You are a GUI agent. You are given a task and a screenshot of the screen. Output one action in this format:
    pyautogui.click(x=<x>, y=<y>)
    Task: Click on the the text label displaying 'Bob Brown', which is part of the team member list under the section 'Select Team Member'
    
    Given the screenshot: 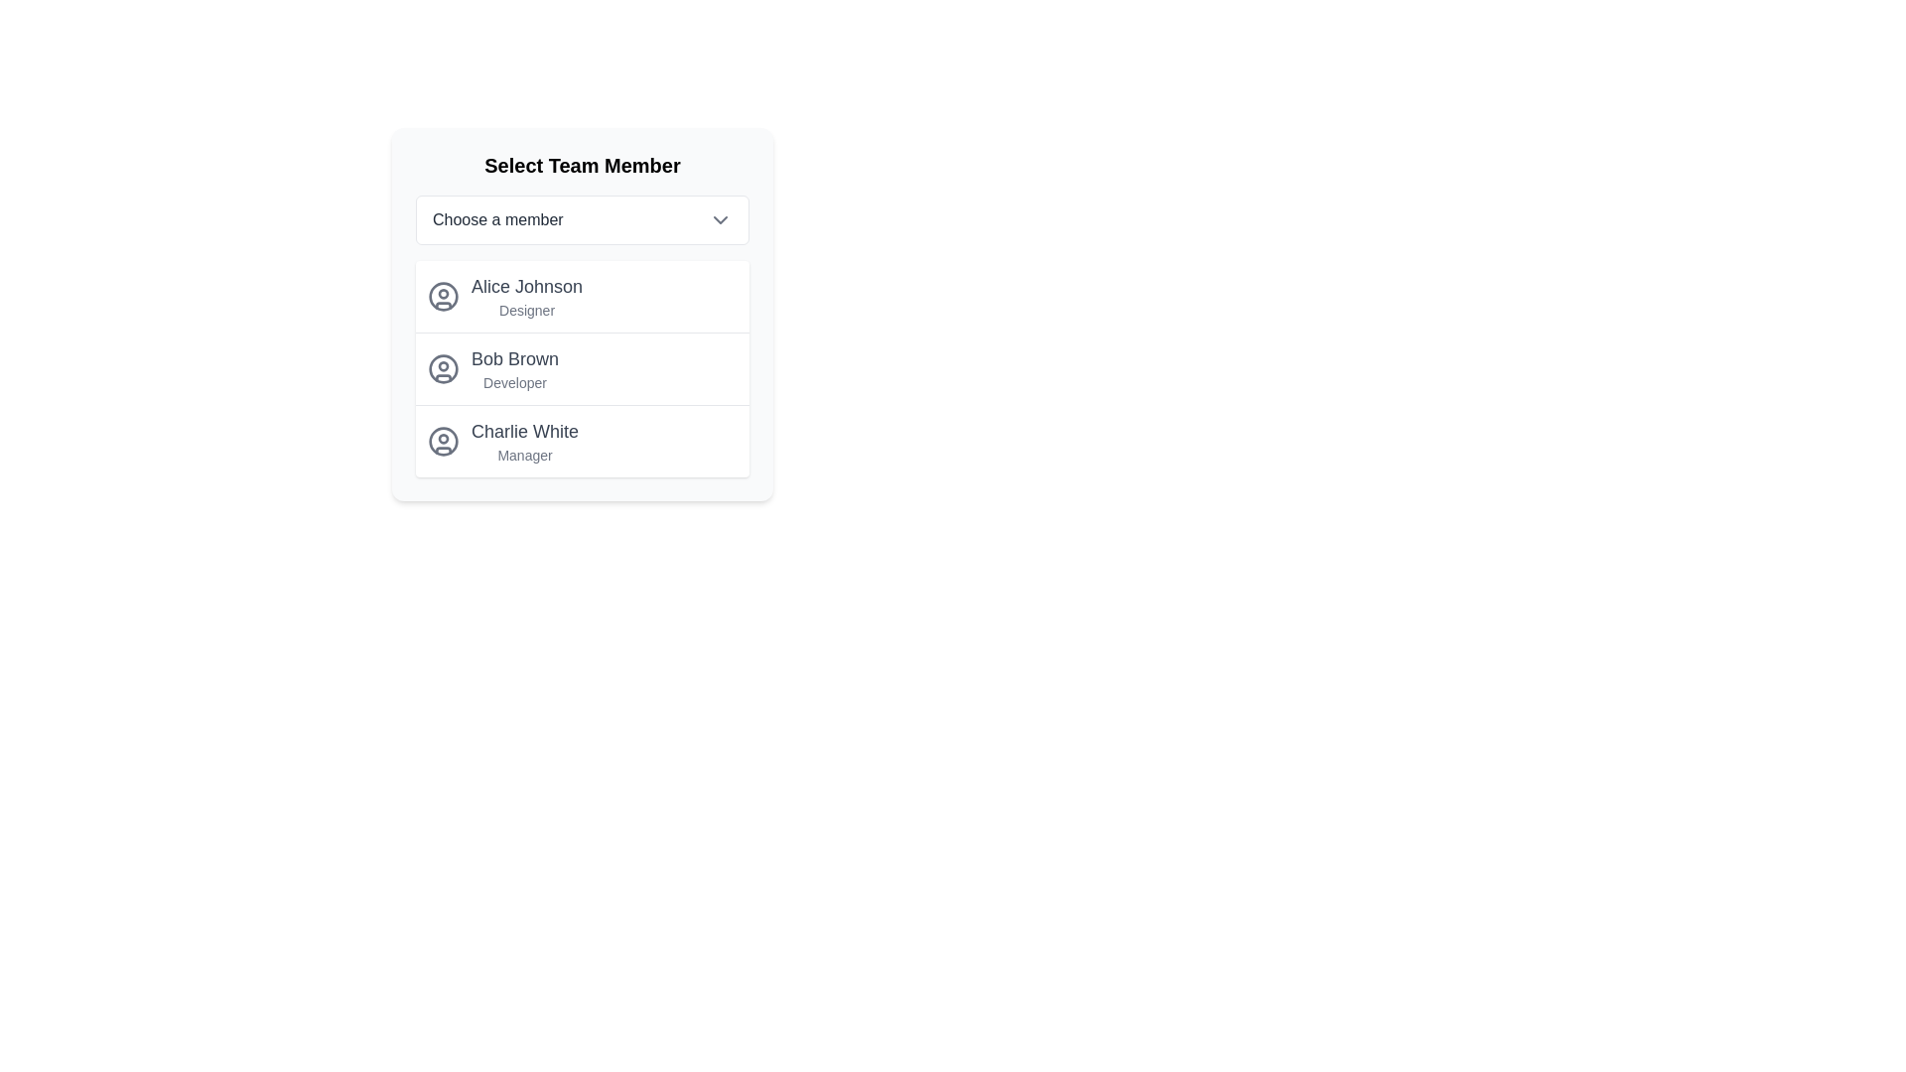 What is the action you would take?
    pyautogui.click(x=514, y=359)
    